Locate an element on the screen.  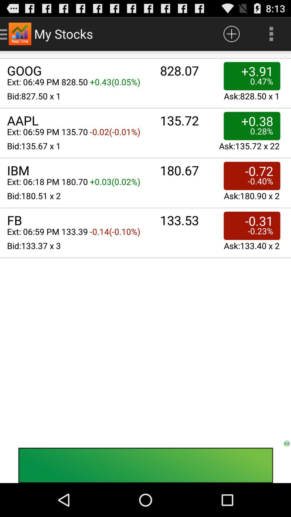
the item at the bottom is located at coordinates (145, 465).